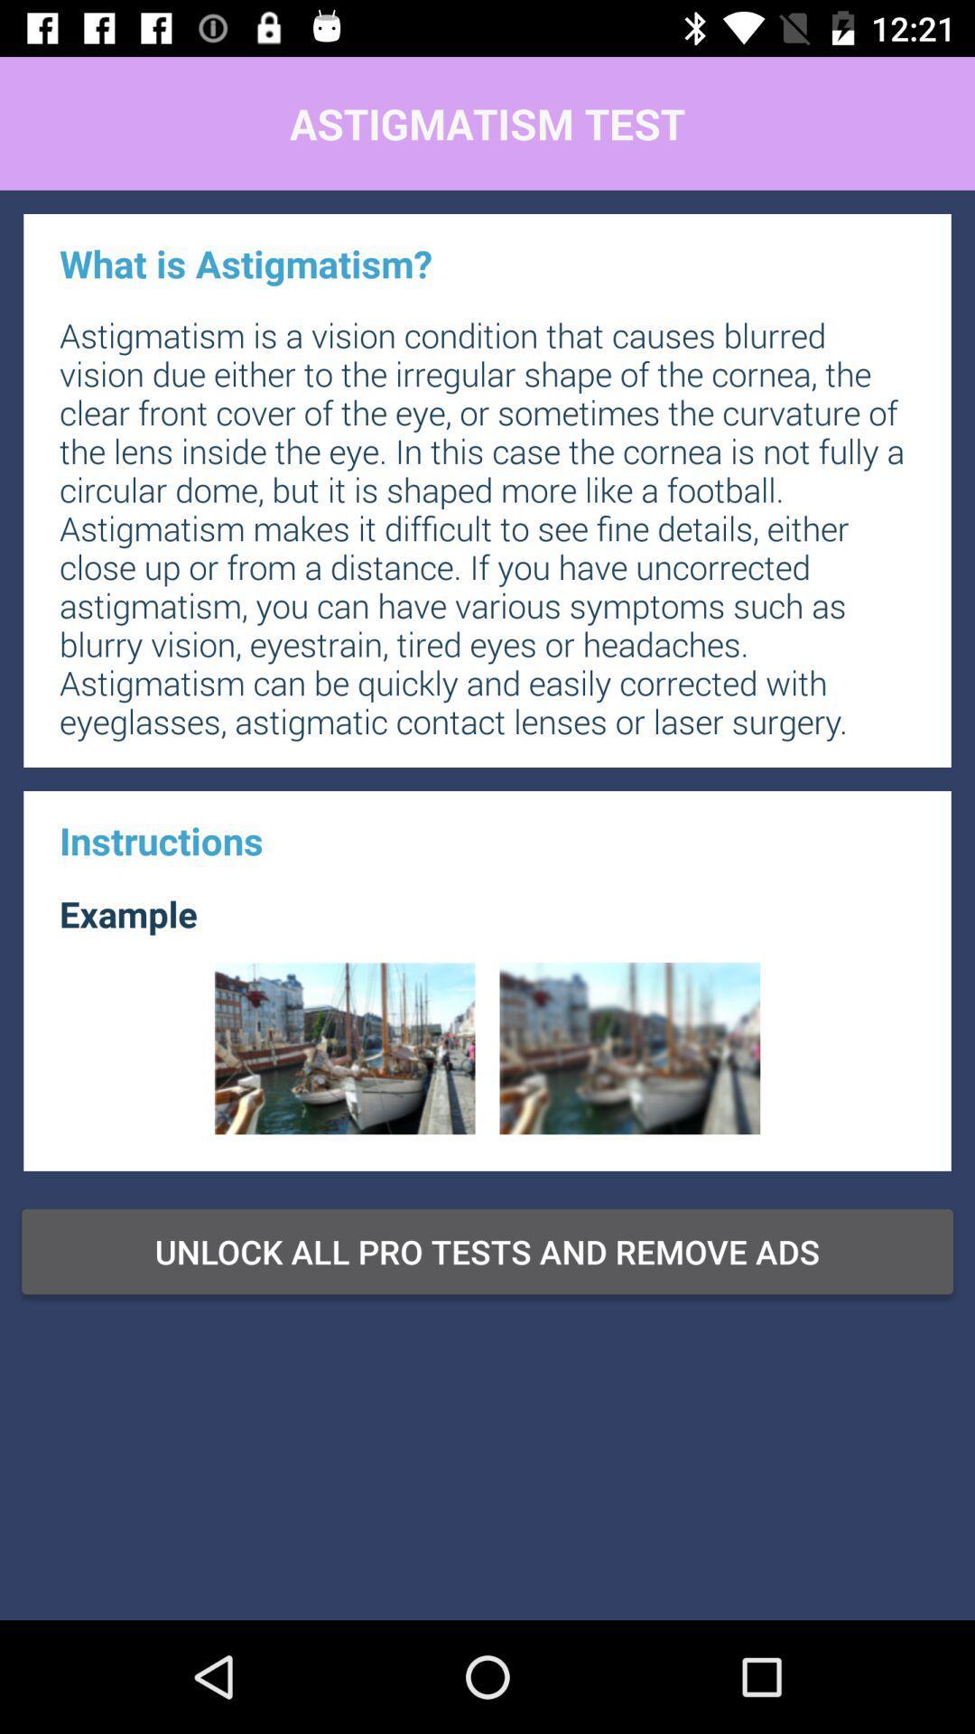  I want to click on the unlock all pro, so click(487, 1251).